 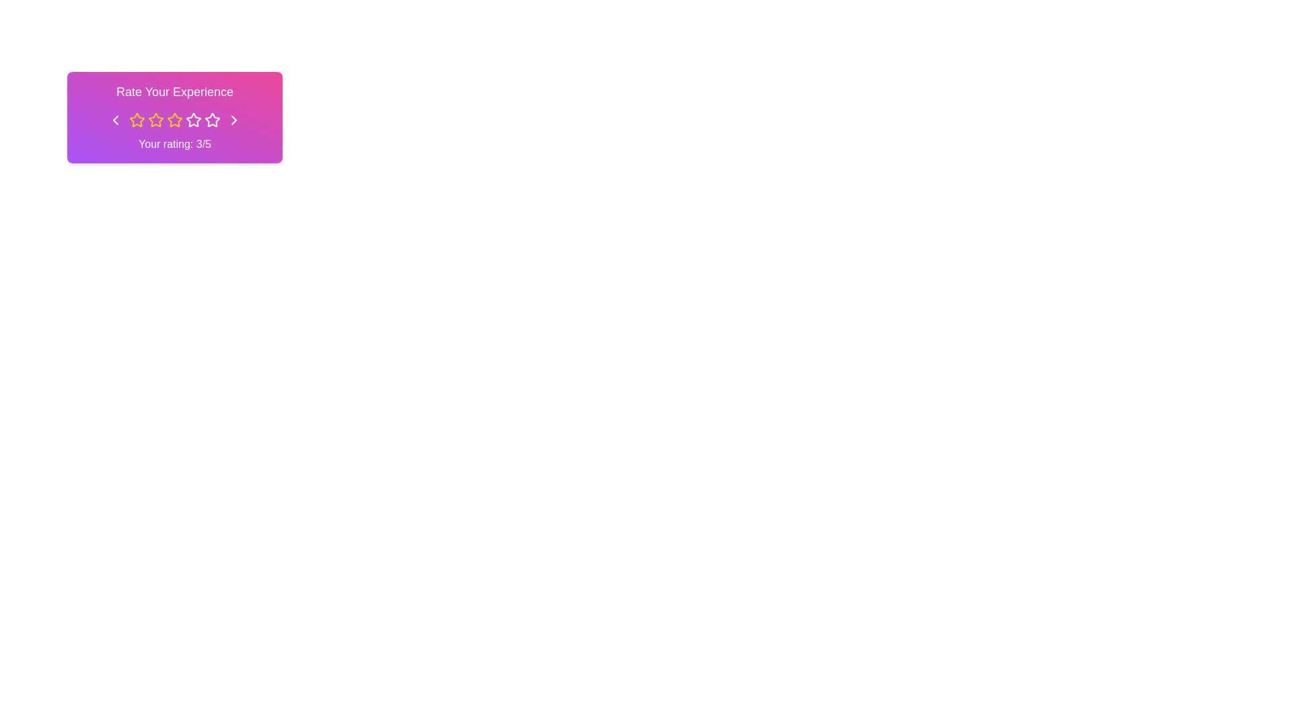 I want to click on the third star icon in the rating group, which is filled with a magenta color, so click(x=193, y=119).